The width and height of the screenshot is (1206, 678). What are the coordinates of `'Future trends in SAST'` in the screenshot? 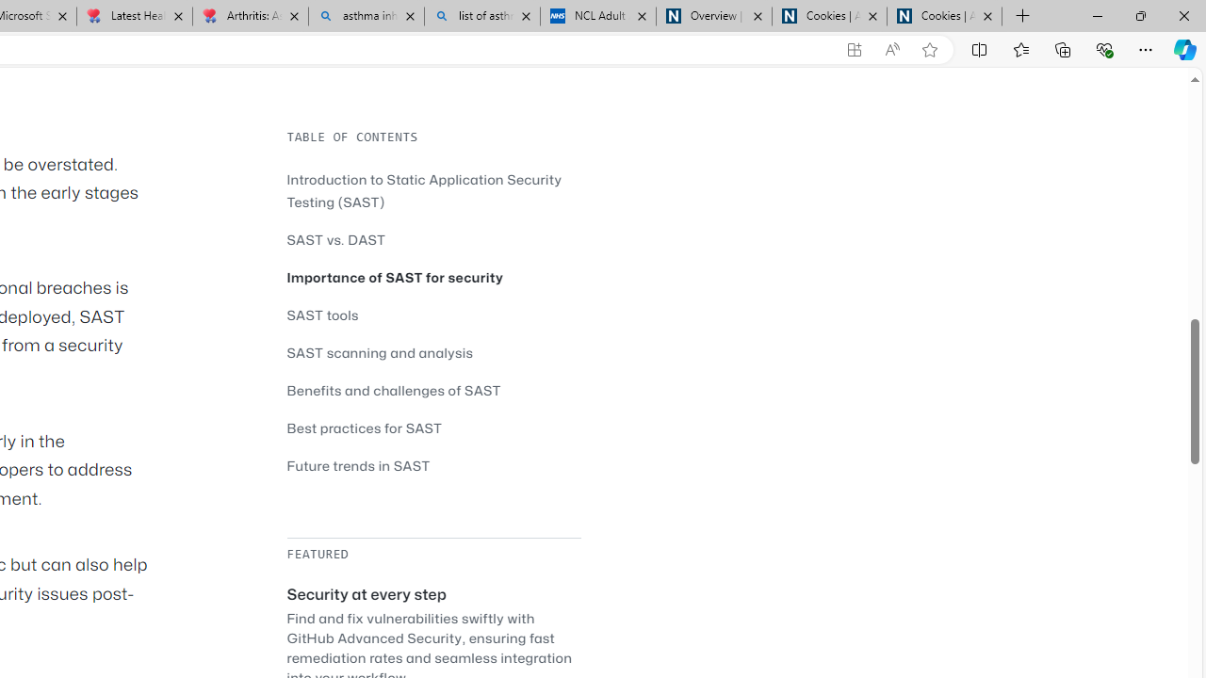 It's located at (358, 465).